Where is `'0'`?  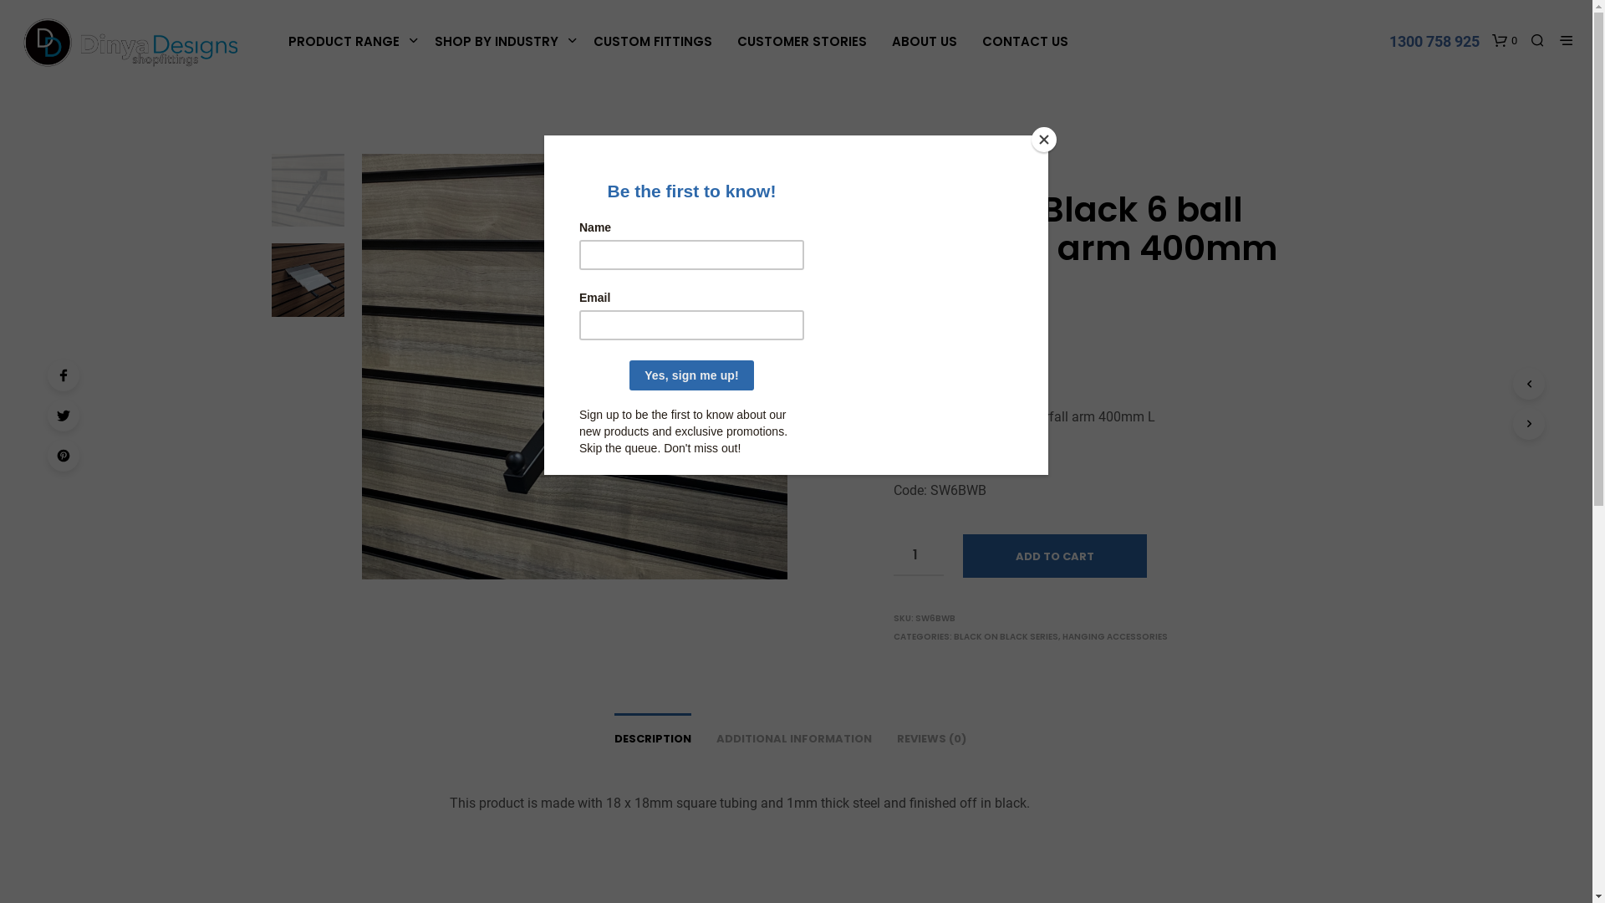
'0' is located at coordinates (1492, 40).